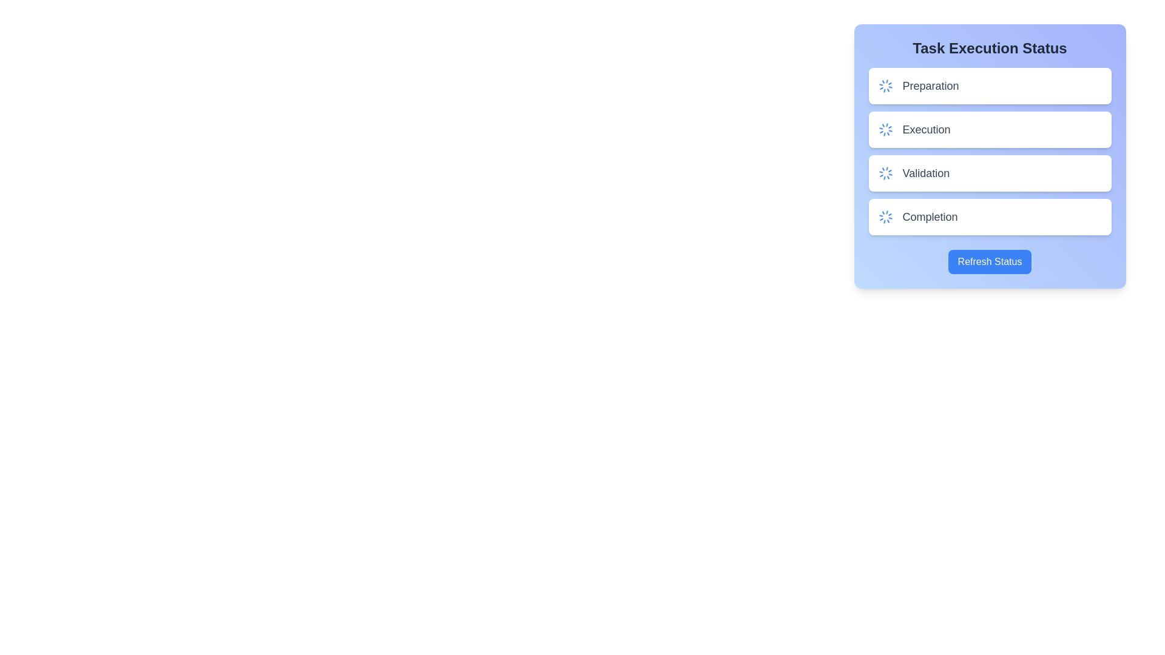 The width and height of the screenshot is (1165, 655). What do you see at coordinates (885, 86) in the screenshot?
I see `the blue circular spinning loader icon located to the left of the 'Preparation' text in the task status card` at bounding box center [885, 86].